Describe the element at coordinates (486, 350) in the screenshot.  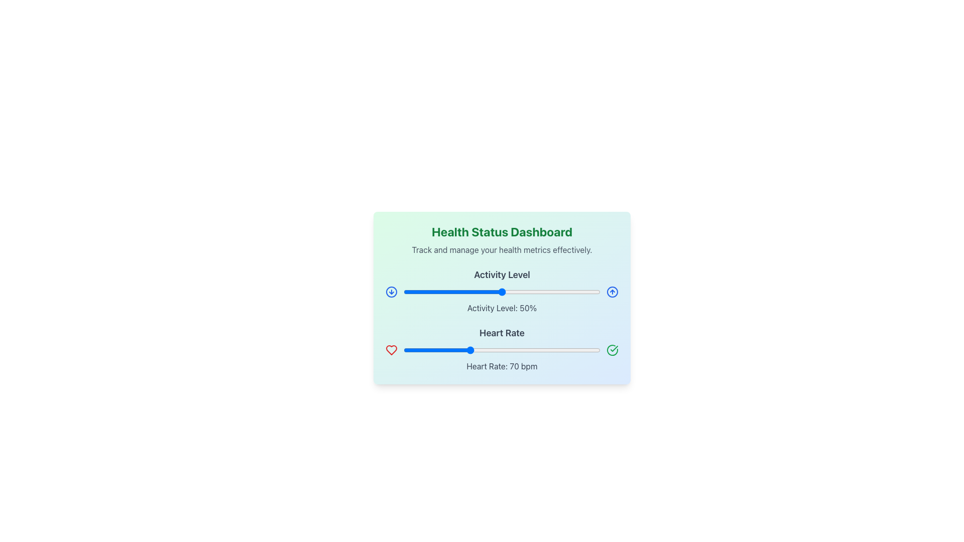
I see `heart rate` at that location.